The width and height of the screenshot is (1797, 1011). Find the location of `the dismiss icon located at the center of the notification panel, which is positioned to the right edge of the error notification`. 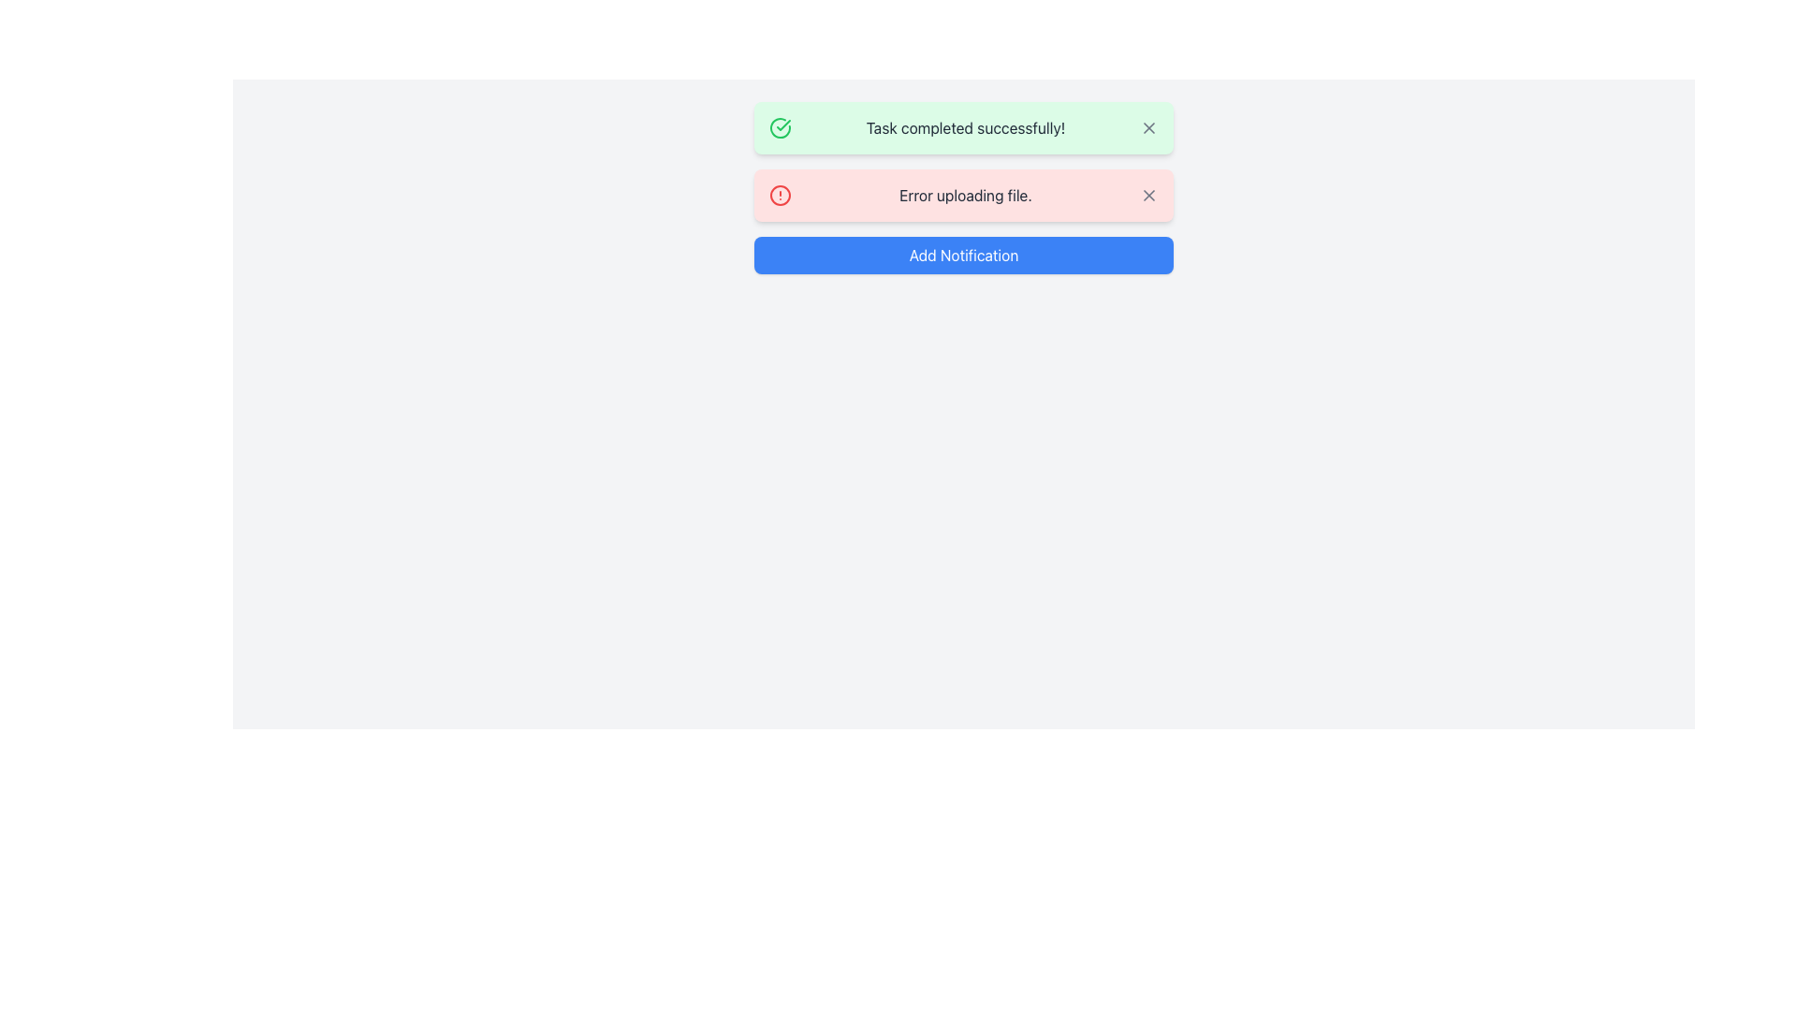

the dismiss icon located at the center of the notification panel, which is positioned to the right edge of the error notification is located at coordinates (1148, 195).